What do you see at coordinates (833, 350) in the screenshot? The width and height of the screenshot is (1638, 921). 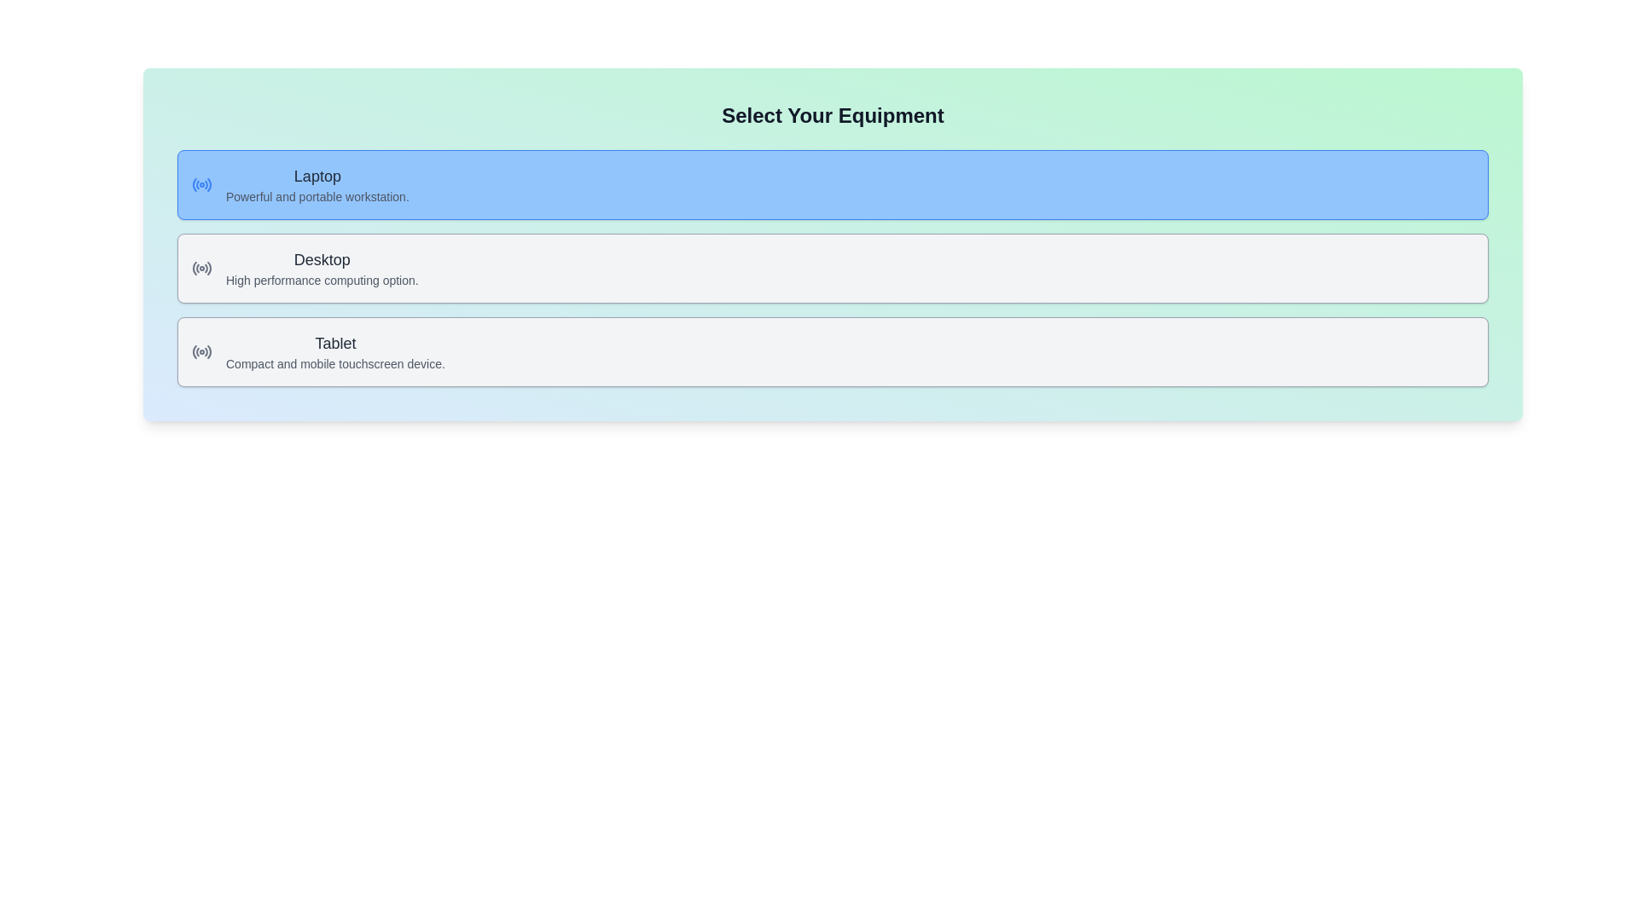 I see `the Selectable List Item element titled 'Tablet' that is positioned third in the vertical list` at bounding box center [833, 350].